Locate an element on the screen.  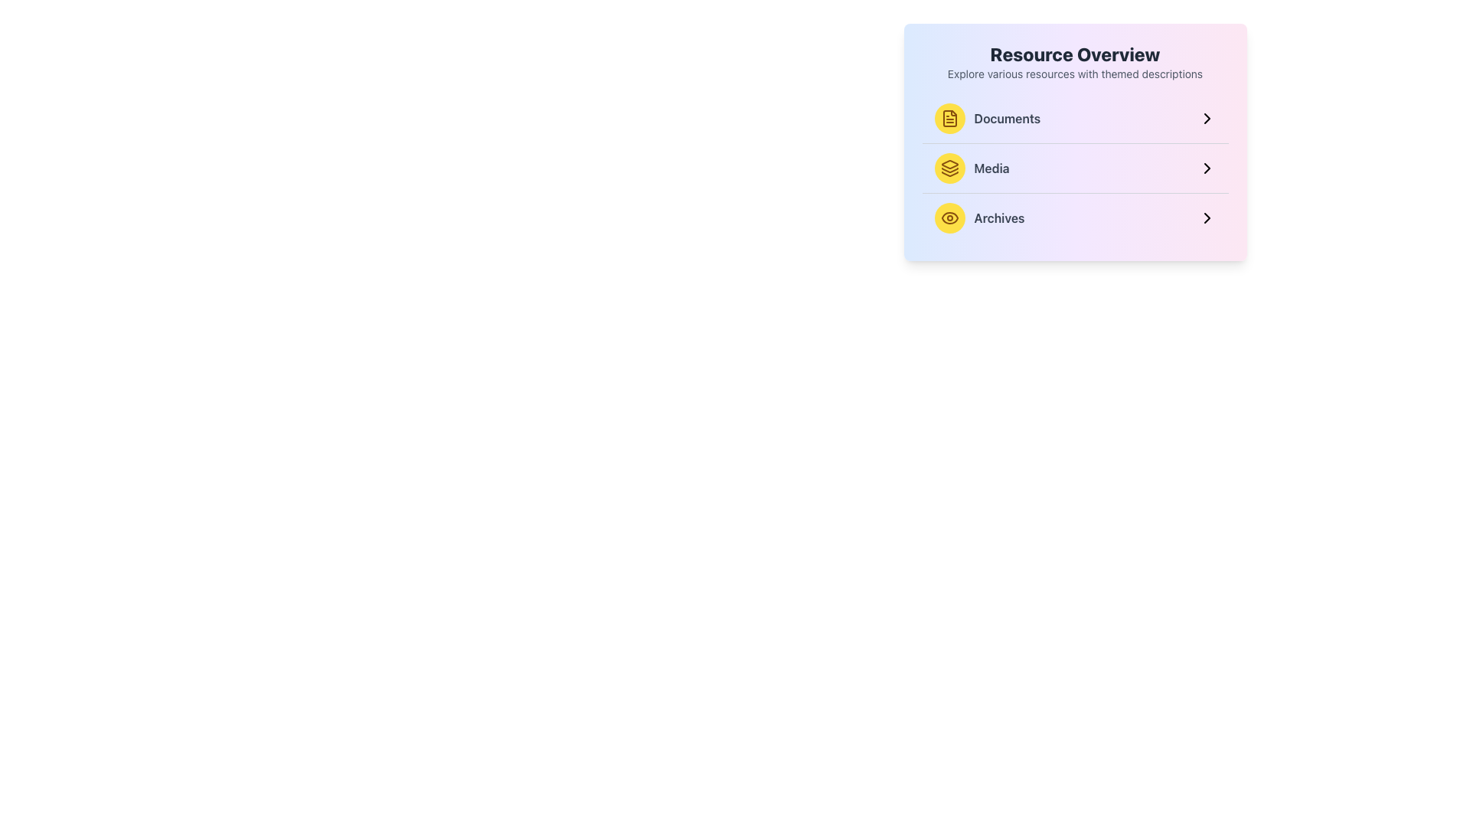
the 'Media' list item in the interactive menu is located at coordinates (1074, 168).